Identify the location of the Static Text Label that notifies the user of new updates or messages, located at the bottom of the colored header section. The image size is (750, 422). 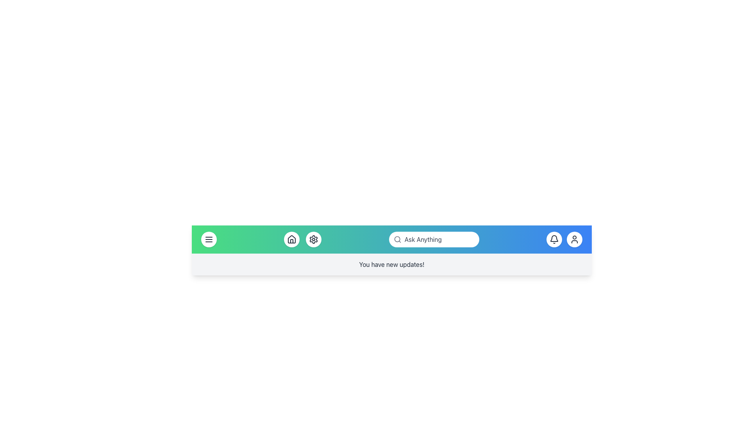
(392, 264).